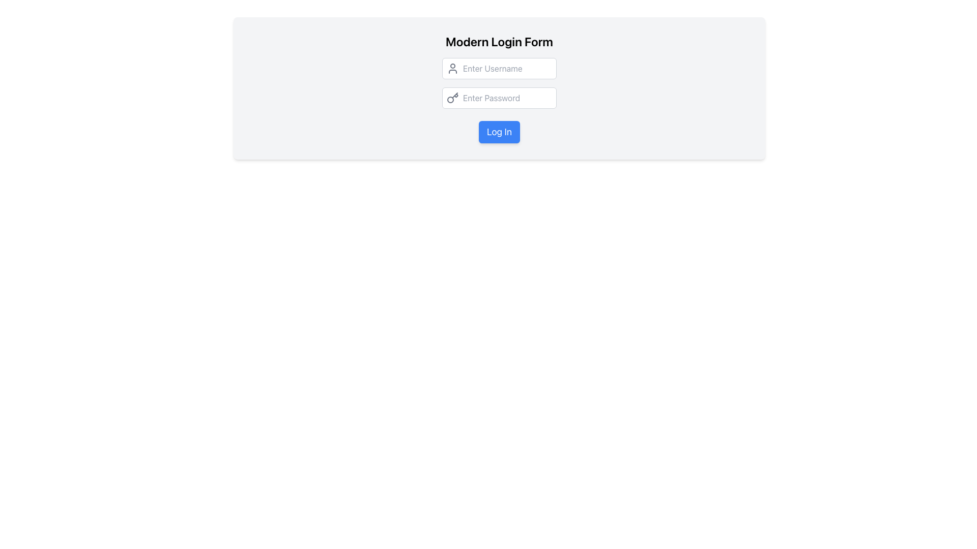 The width and height of the screenshot is (977, 549). I want to click on the header text that serves as the title for the login form, providing context about the form's purpose, so click(499, 41).